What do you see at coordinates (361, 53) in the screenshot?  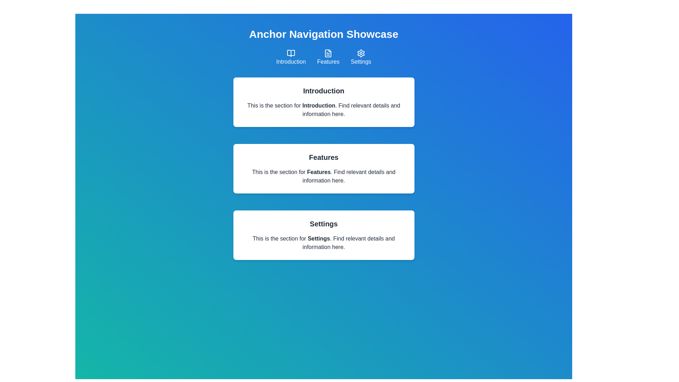 I see `the gear icon in the Settings category at the top-right section of the navigation bar to initiate navigation` at bounding box center [361, 53].